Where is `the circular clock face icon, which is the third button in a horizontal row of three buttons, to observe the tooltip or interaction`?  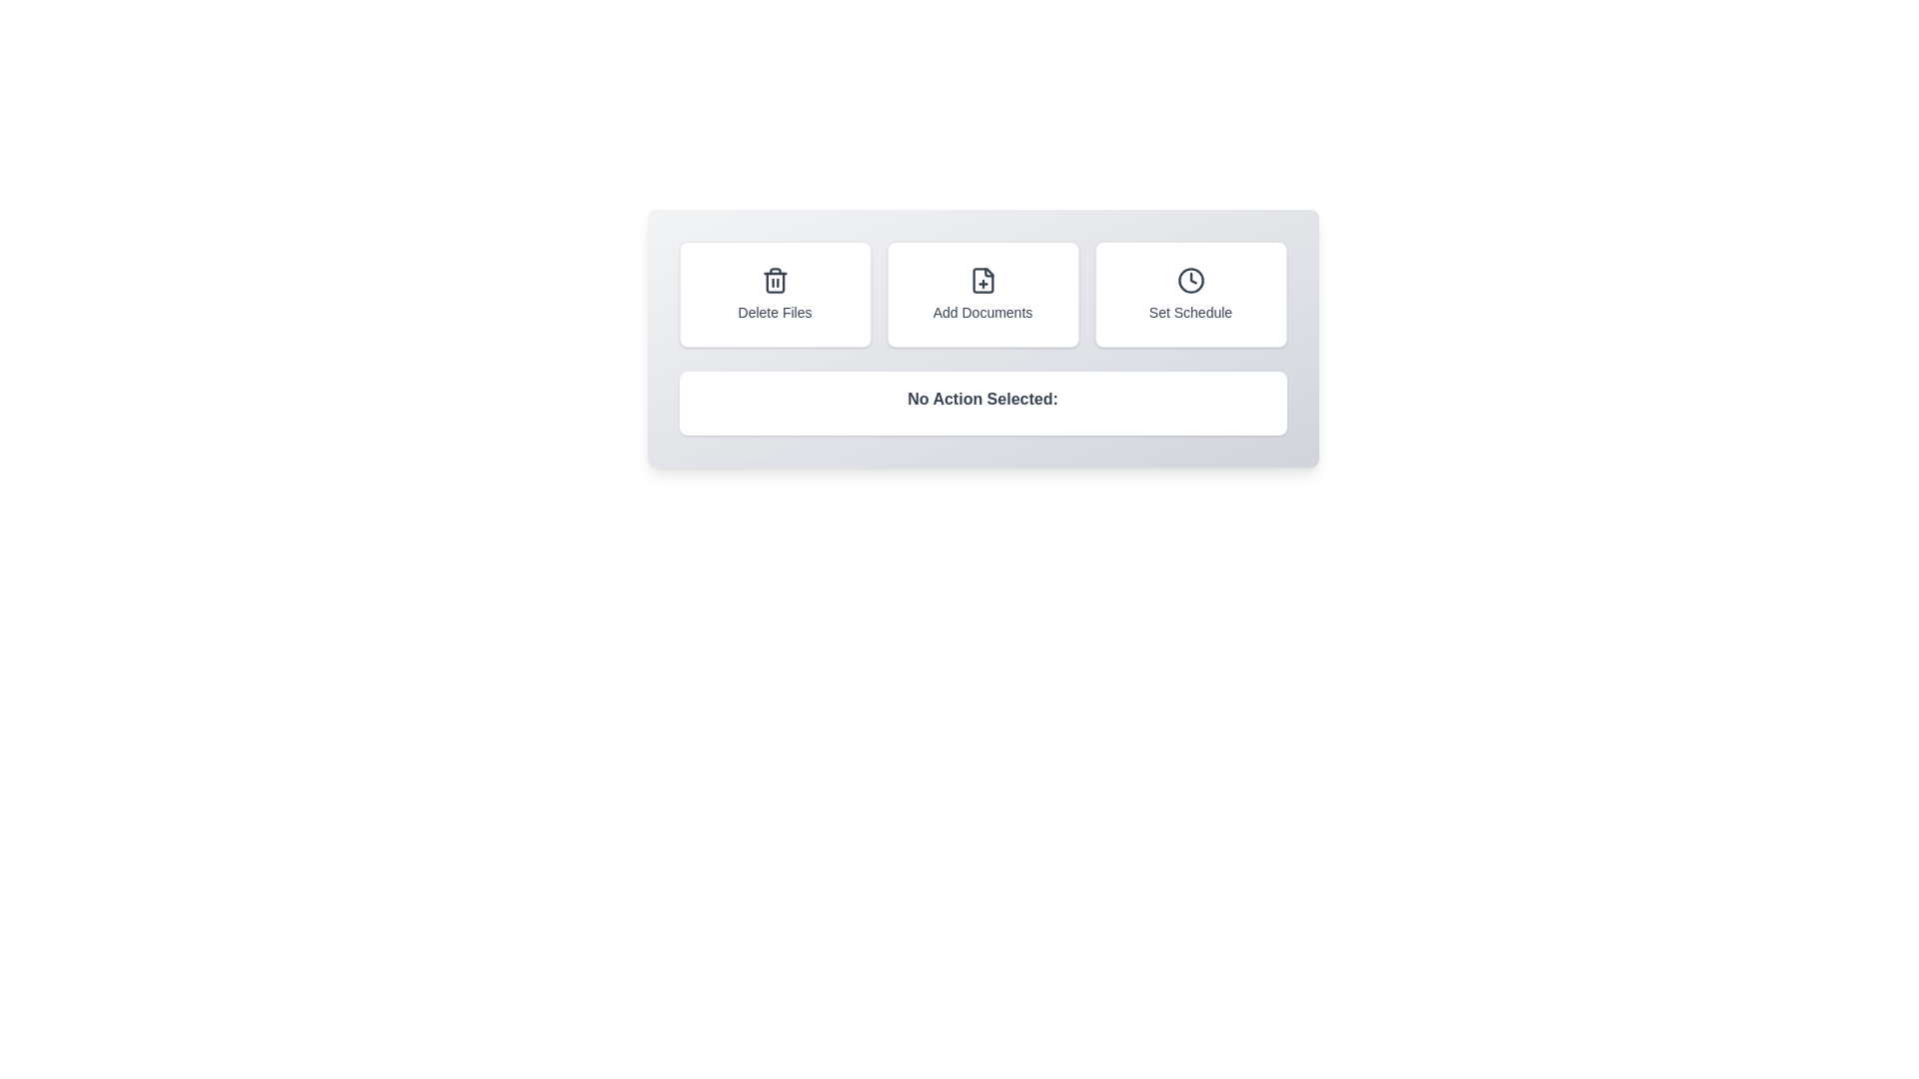 the circular clock face icon, which is the third button in a horizontal row of three buttons, to observe the tooltip or interaction is located at coordinates (1190, 281).